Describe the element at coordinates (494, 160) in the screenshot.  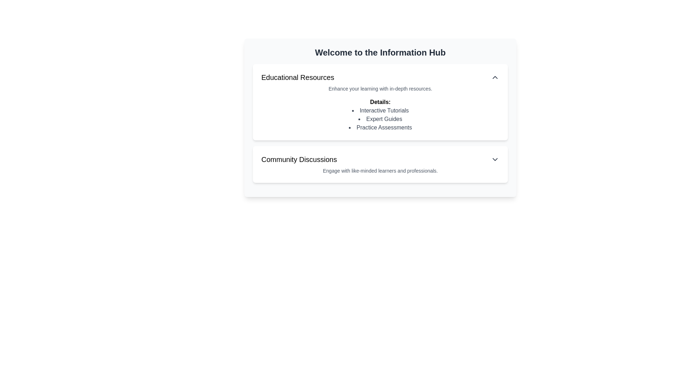
I see `the downward-facing chevron icon for the 'Community Discussions' section` at that location.